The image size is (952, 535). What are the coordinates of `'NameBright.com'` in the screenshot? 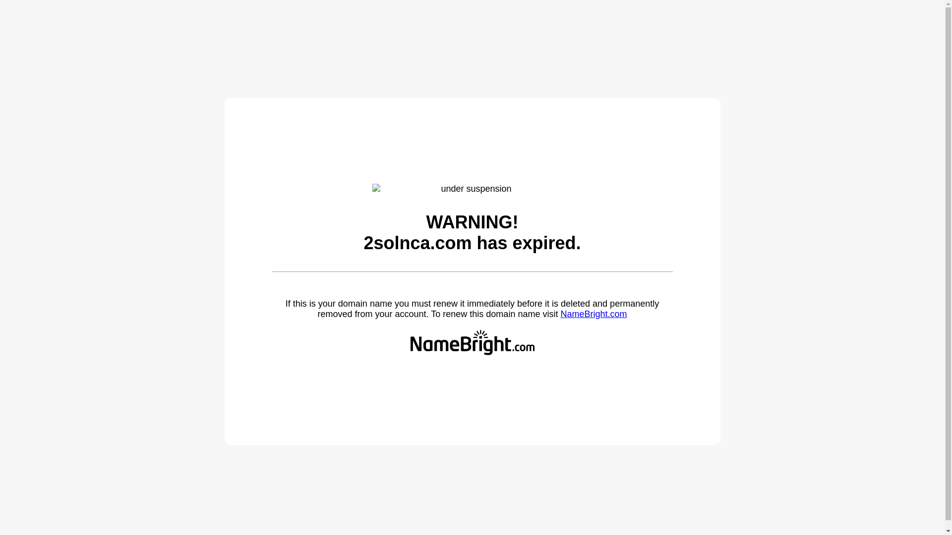 It's located at (593, 314).